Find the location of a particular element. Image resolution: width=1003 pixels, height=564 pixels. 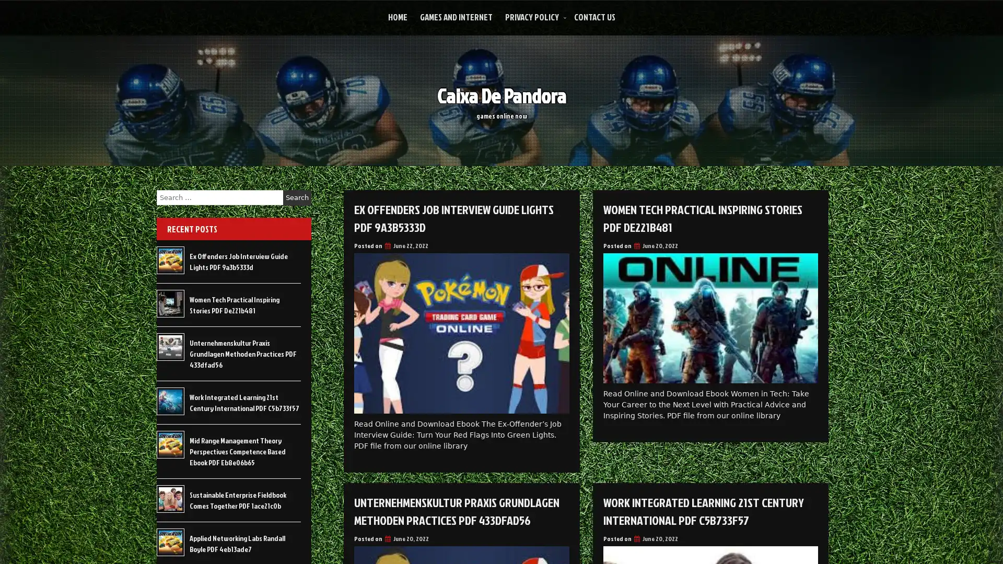

Search is located at coordinates (297, 197).